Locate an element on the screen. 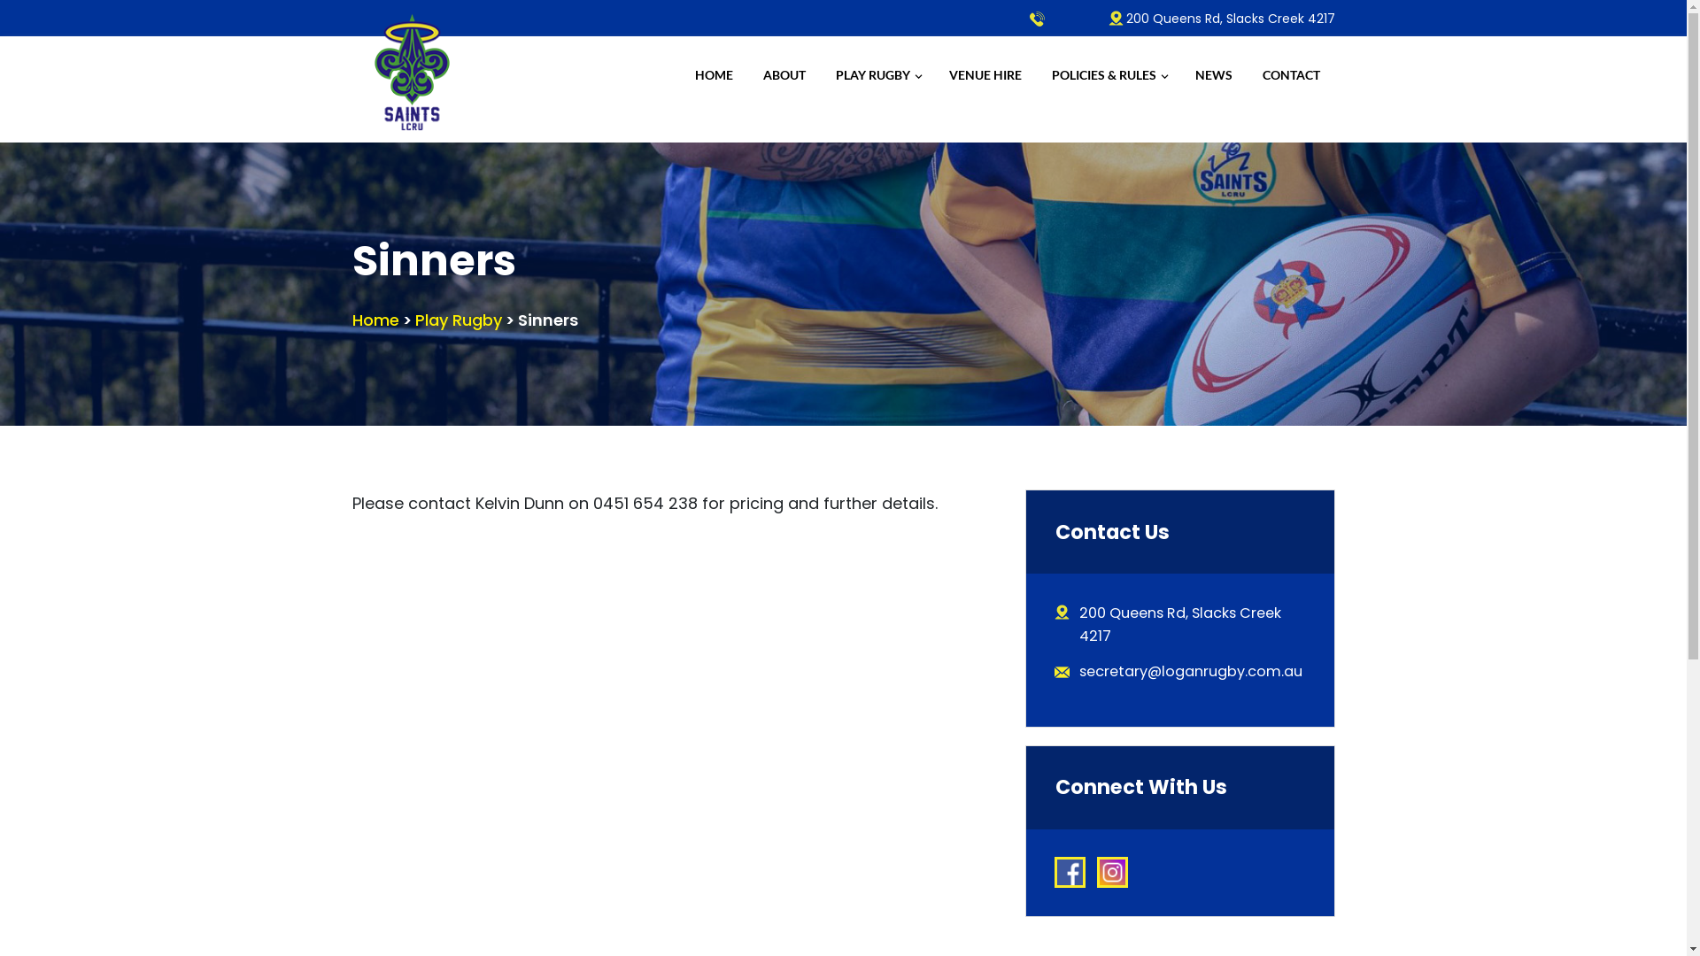 The height and width of the screenshot is (956, 1700). 'VENUE HIRE' is located at coordinates (932, 73).